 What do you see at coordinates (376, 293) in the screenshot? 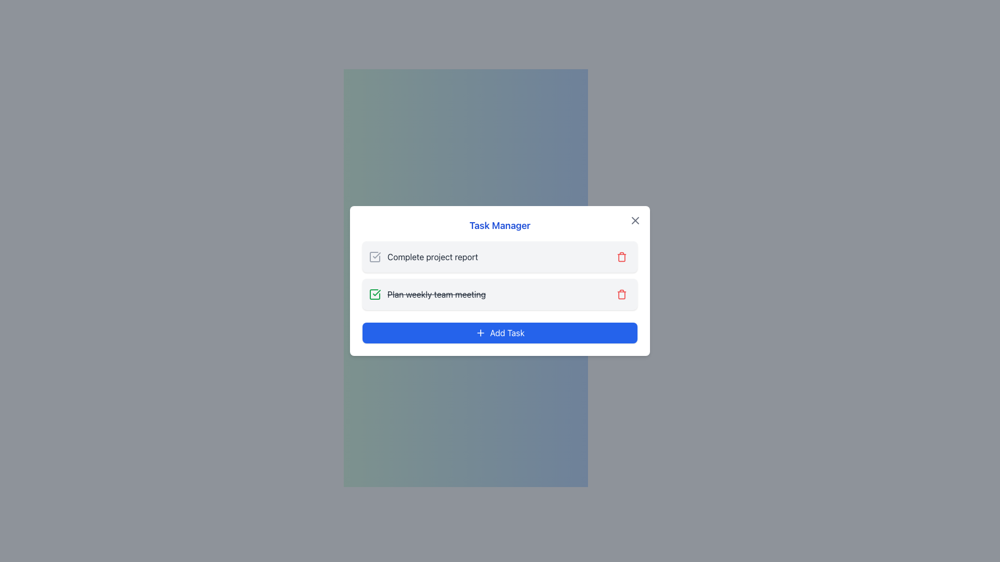
I see `green checkmark icon indicating a completed status, located near the text 'Plan weekly team meeting'` at bounding box center [376, 293].